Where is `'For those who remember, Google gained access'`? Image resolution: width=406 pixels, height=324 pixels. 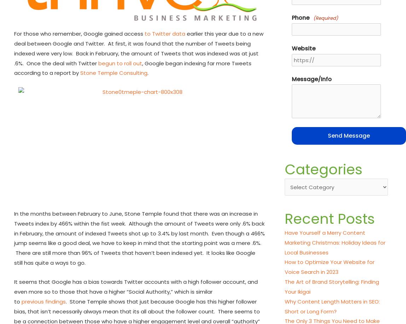 'For those who remember, Google gained access' is located at coordinates (14, 33).